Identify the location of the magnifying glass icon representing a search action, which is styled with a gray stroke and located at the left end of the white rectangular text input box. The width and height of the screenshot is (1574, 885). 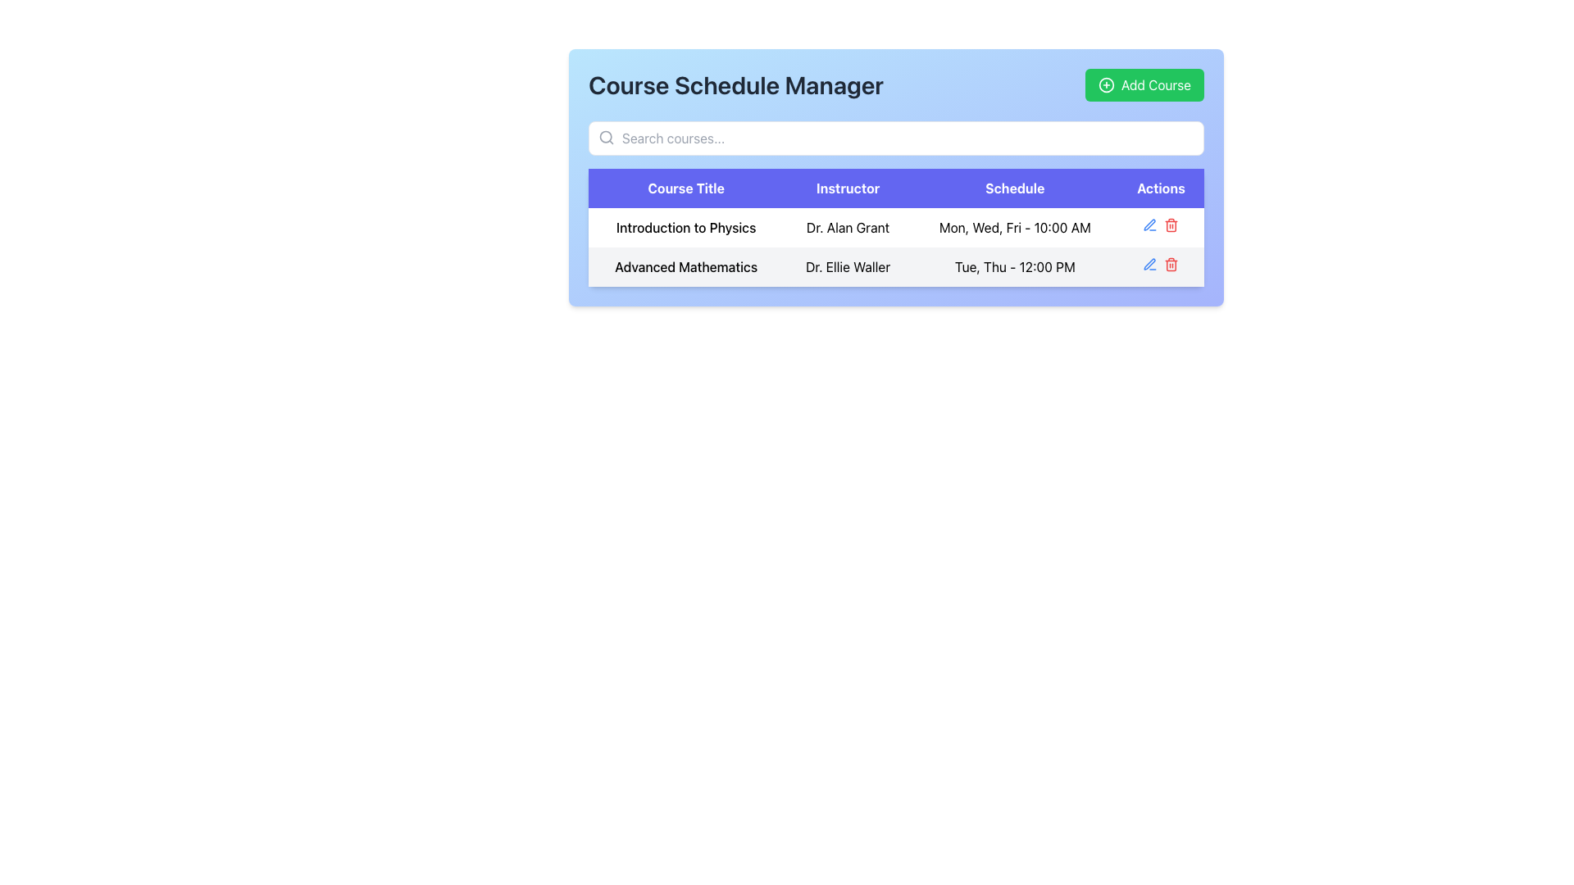
(605, 137).